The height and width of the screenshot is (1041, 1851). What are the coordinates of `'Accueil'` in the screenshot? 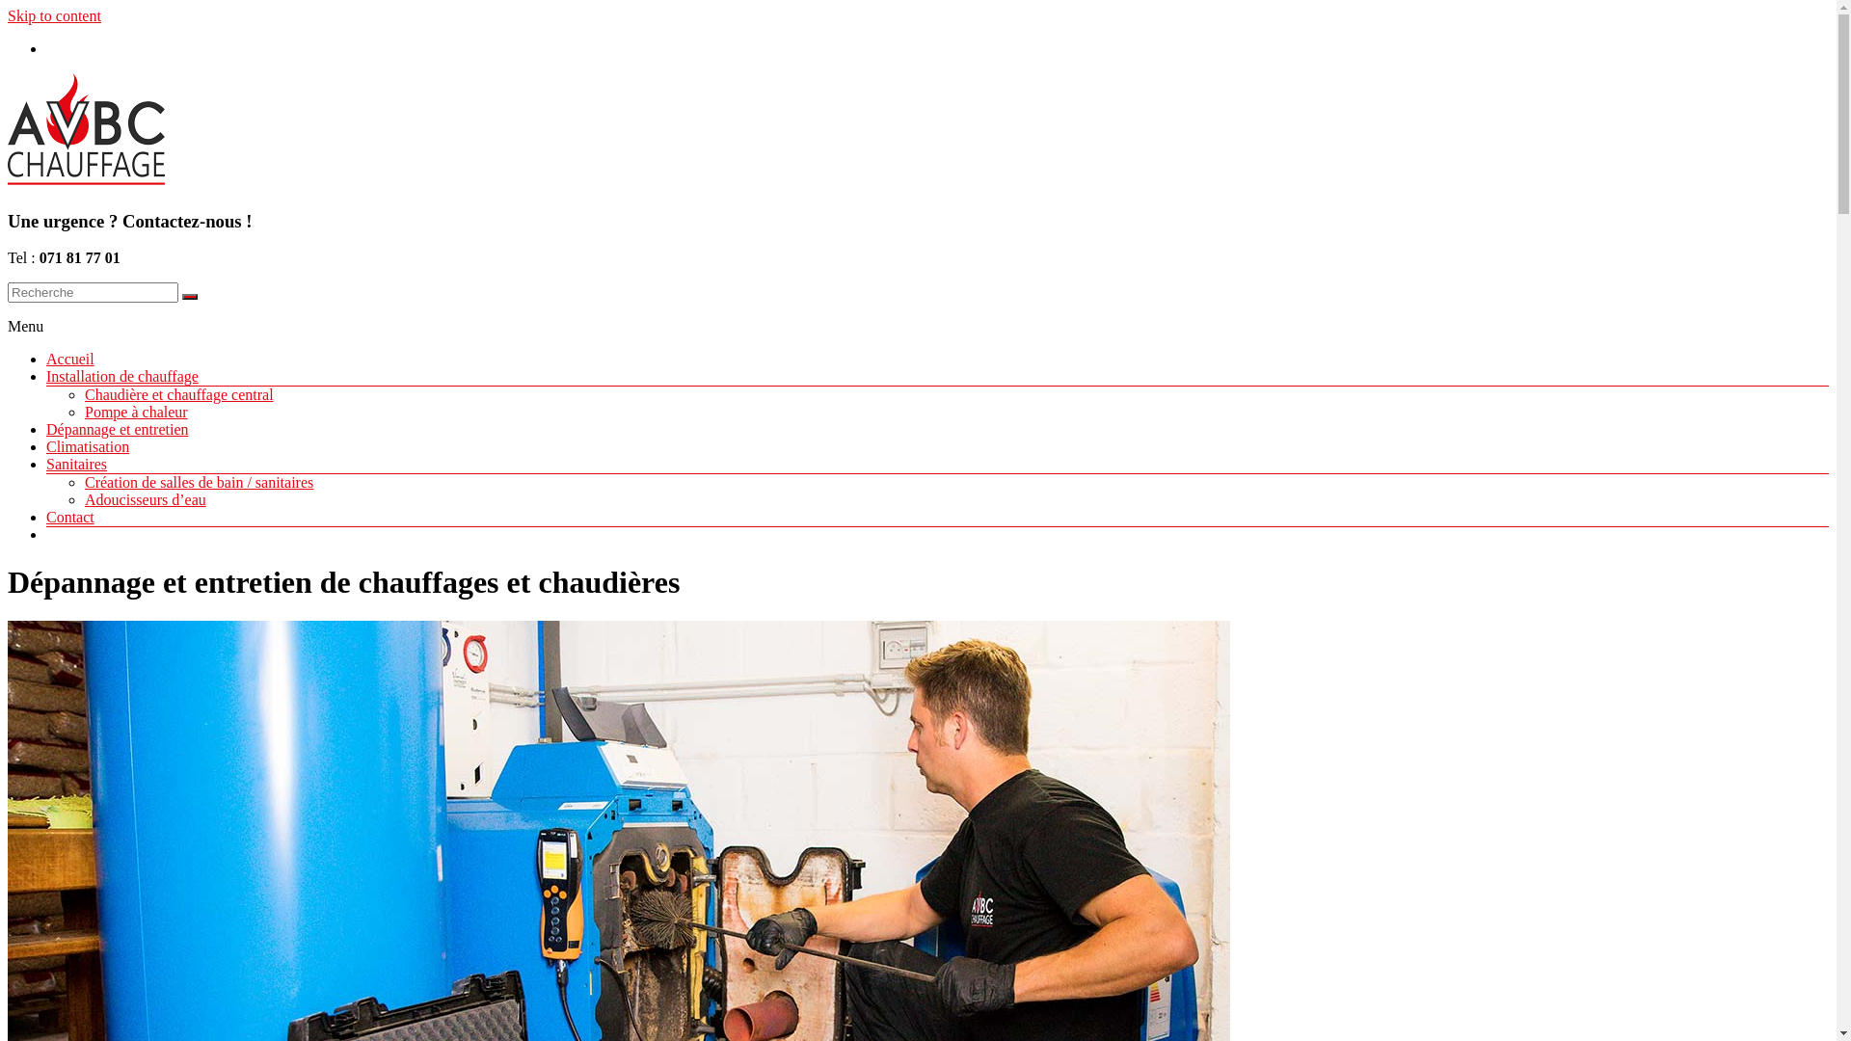 It's located at (69, 359).